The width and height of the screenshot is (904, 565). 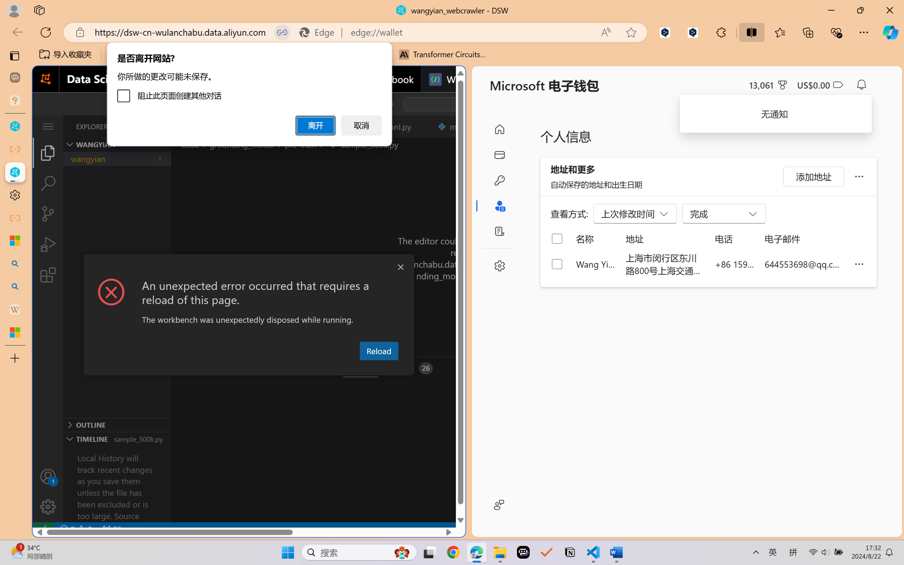 I want to click on 'Timeline Section', so click(x=117, y=439).